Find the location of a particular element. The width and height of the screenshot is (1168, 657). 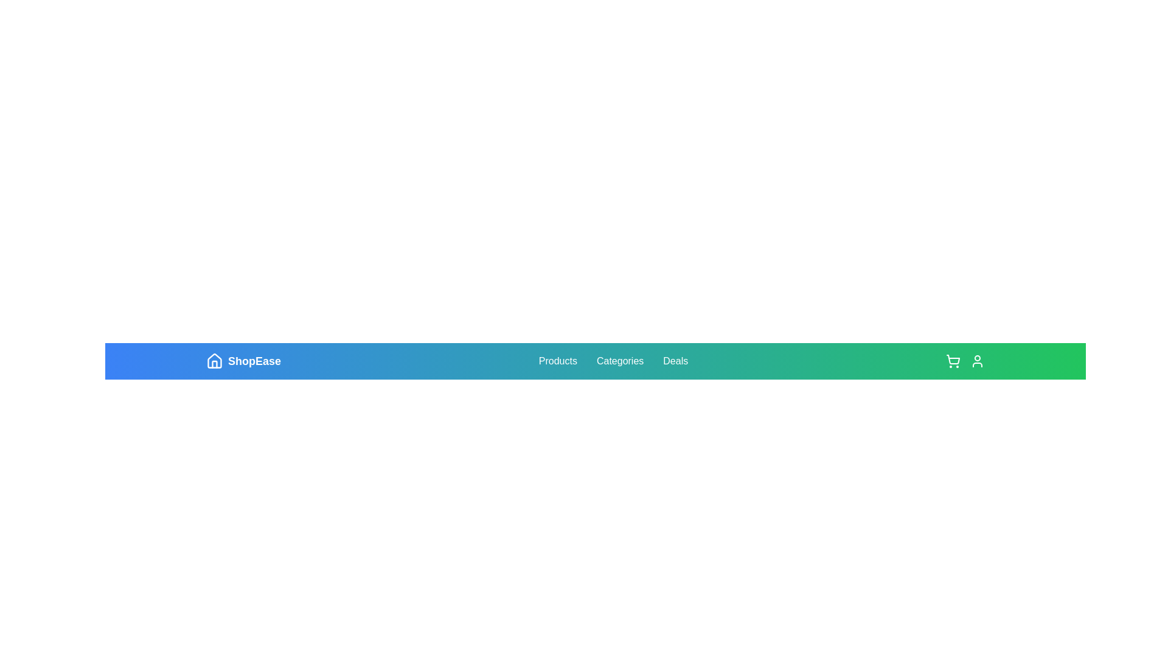

the user-related functionality icon located at the rightmost position of the top bar is located at coordinates (978, 361).